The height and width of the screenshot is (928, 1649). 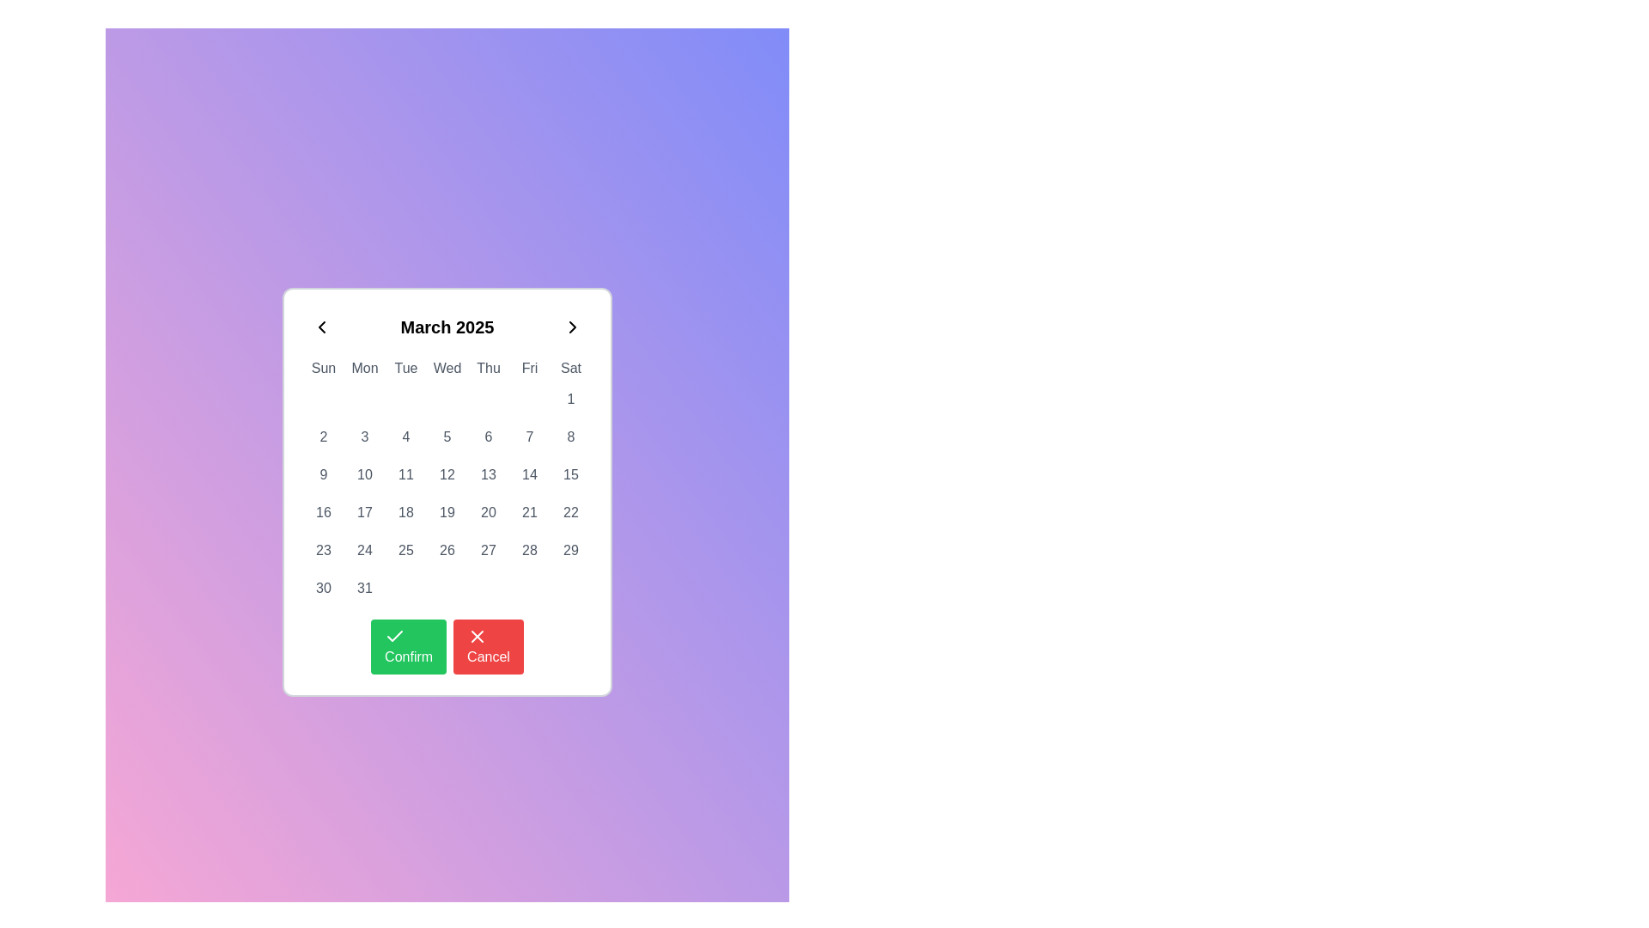 What do you see at coordinates (488, 367) in the screenshot?
I see `the static text label indicating 'Thursday' in the calendar's days of the week header, which is the fifth day in the sequence` at bounding box center [488, 367].